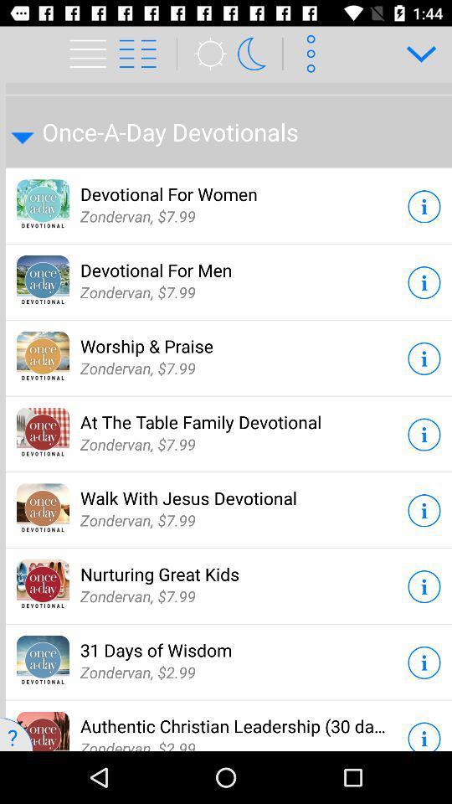  I want to click on the menu icon, so click(82, 43).